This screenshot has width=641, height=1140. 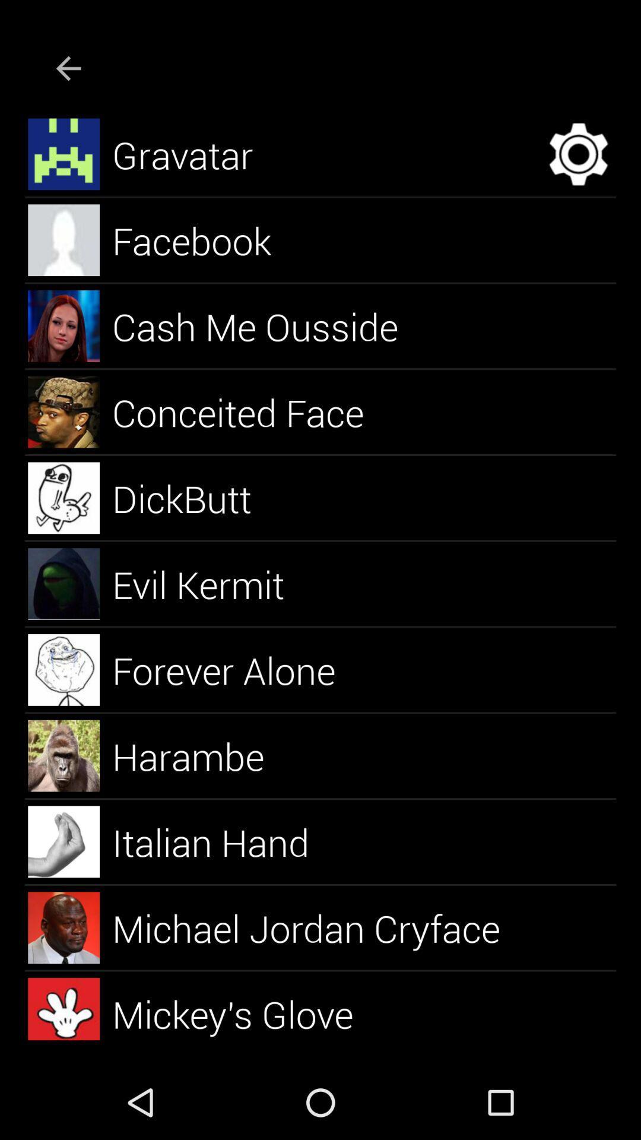 What do you see at coordinates (246, 1008) in the screenshot?
I see `the mickey's glove icon` at bounding box center [246, 1008].